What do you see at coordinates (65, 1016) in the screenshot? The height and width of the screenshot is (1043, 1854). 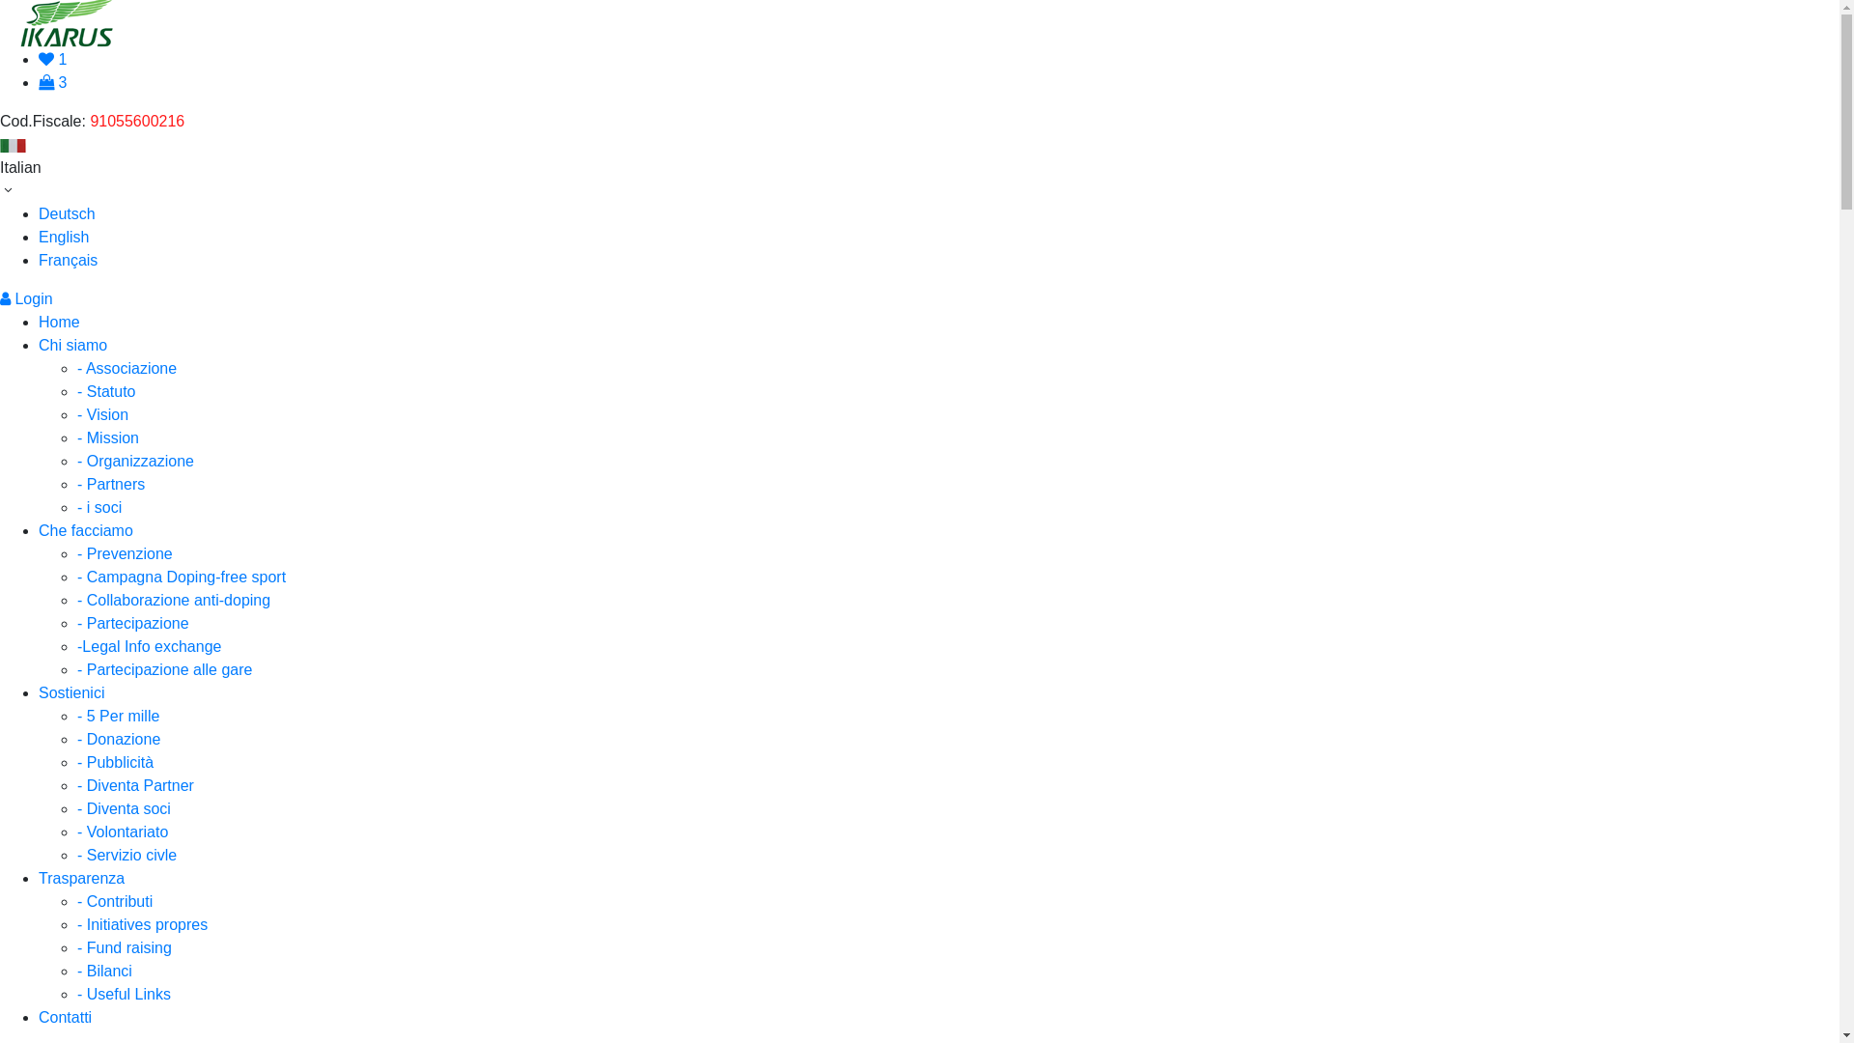 I see `'Contatti'` at bounding box center [65, 1016].